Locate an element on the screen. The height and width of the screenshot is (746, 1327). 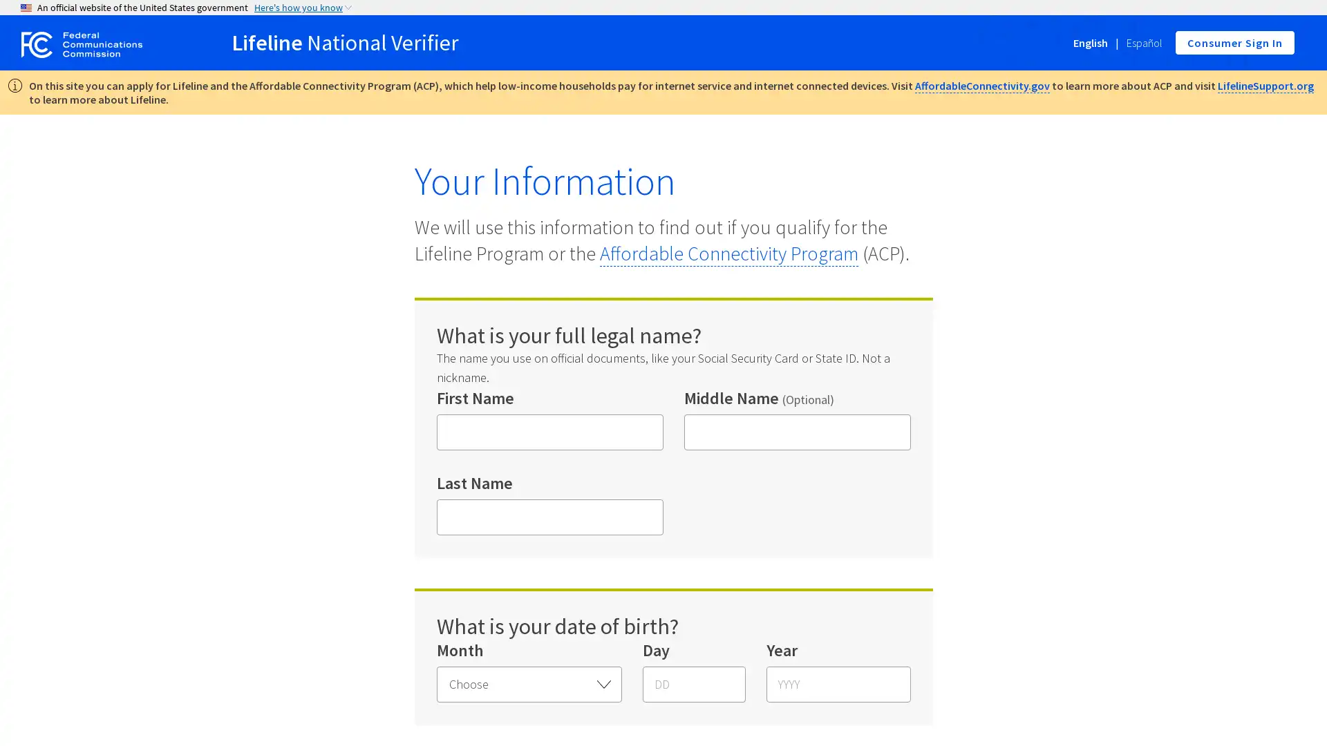
Consumer Sign In is located at coordinates (1234, 41).